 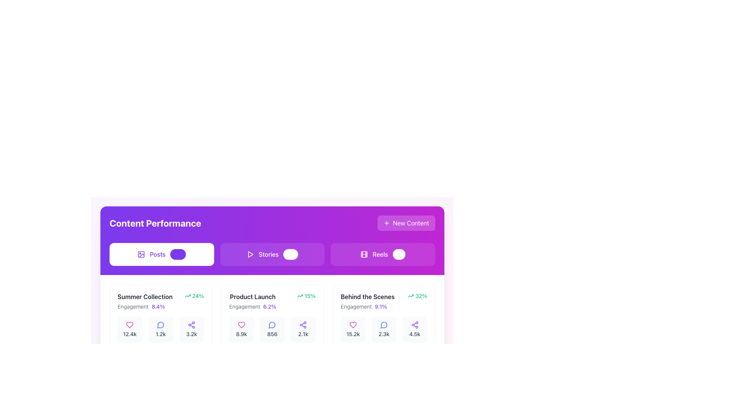 What do you see at coordinates (250, 254) in the screenshot?
I see `the triangular play icon located on the 'Stories' button` at bounding box center [250, 254].